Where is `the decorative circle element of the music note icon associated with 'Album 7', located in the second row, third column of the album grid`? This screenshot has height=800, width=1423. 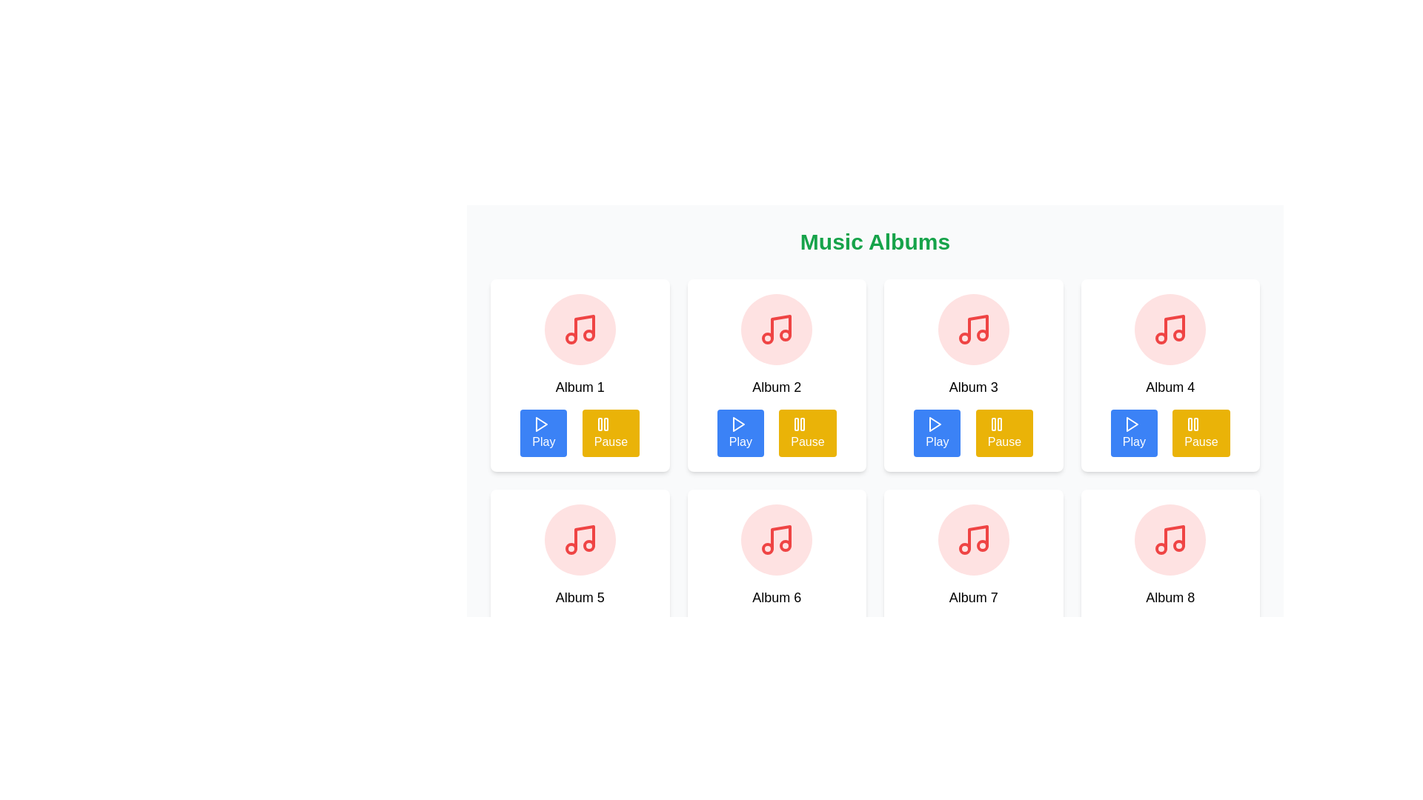 the decorative circle element of the music note icon associated with 'Album 7', located in the second row, third column of the album grid is located at coordinates (964, 548).